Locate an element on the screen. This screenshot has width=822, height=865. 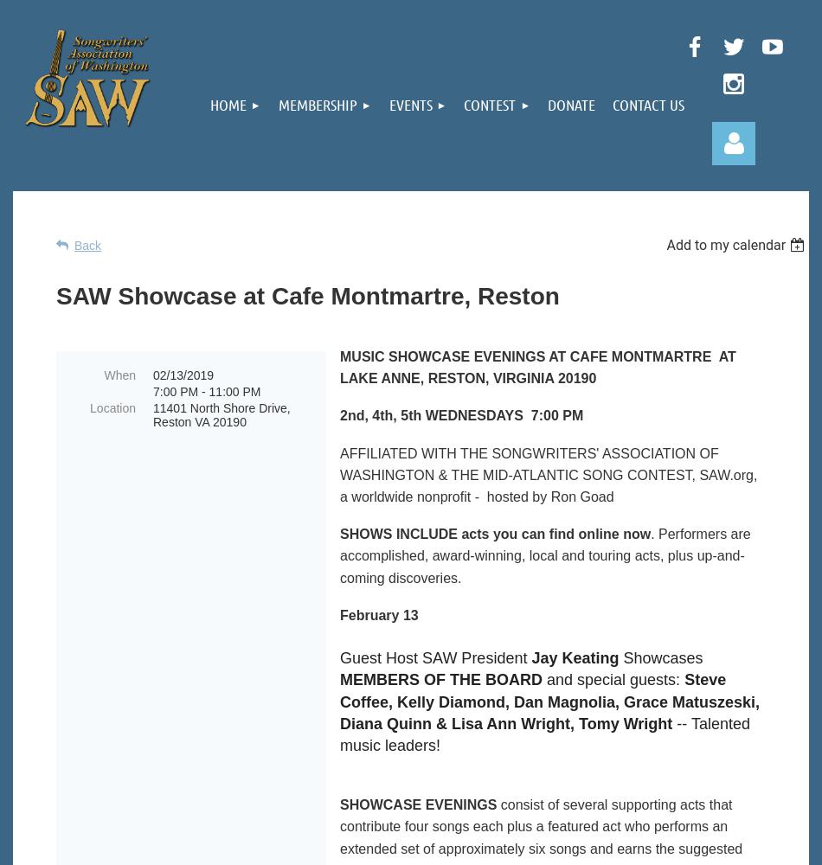
'Donate' is located at coordinates (571, 104).